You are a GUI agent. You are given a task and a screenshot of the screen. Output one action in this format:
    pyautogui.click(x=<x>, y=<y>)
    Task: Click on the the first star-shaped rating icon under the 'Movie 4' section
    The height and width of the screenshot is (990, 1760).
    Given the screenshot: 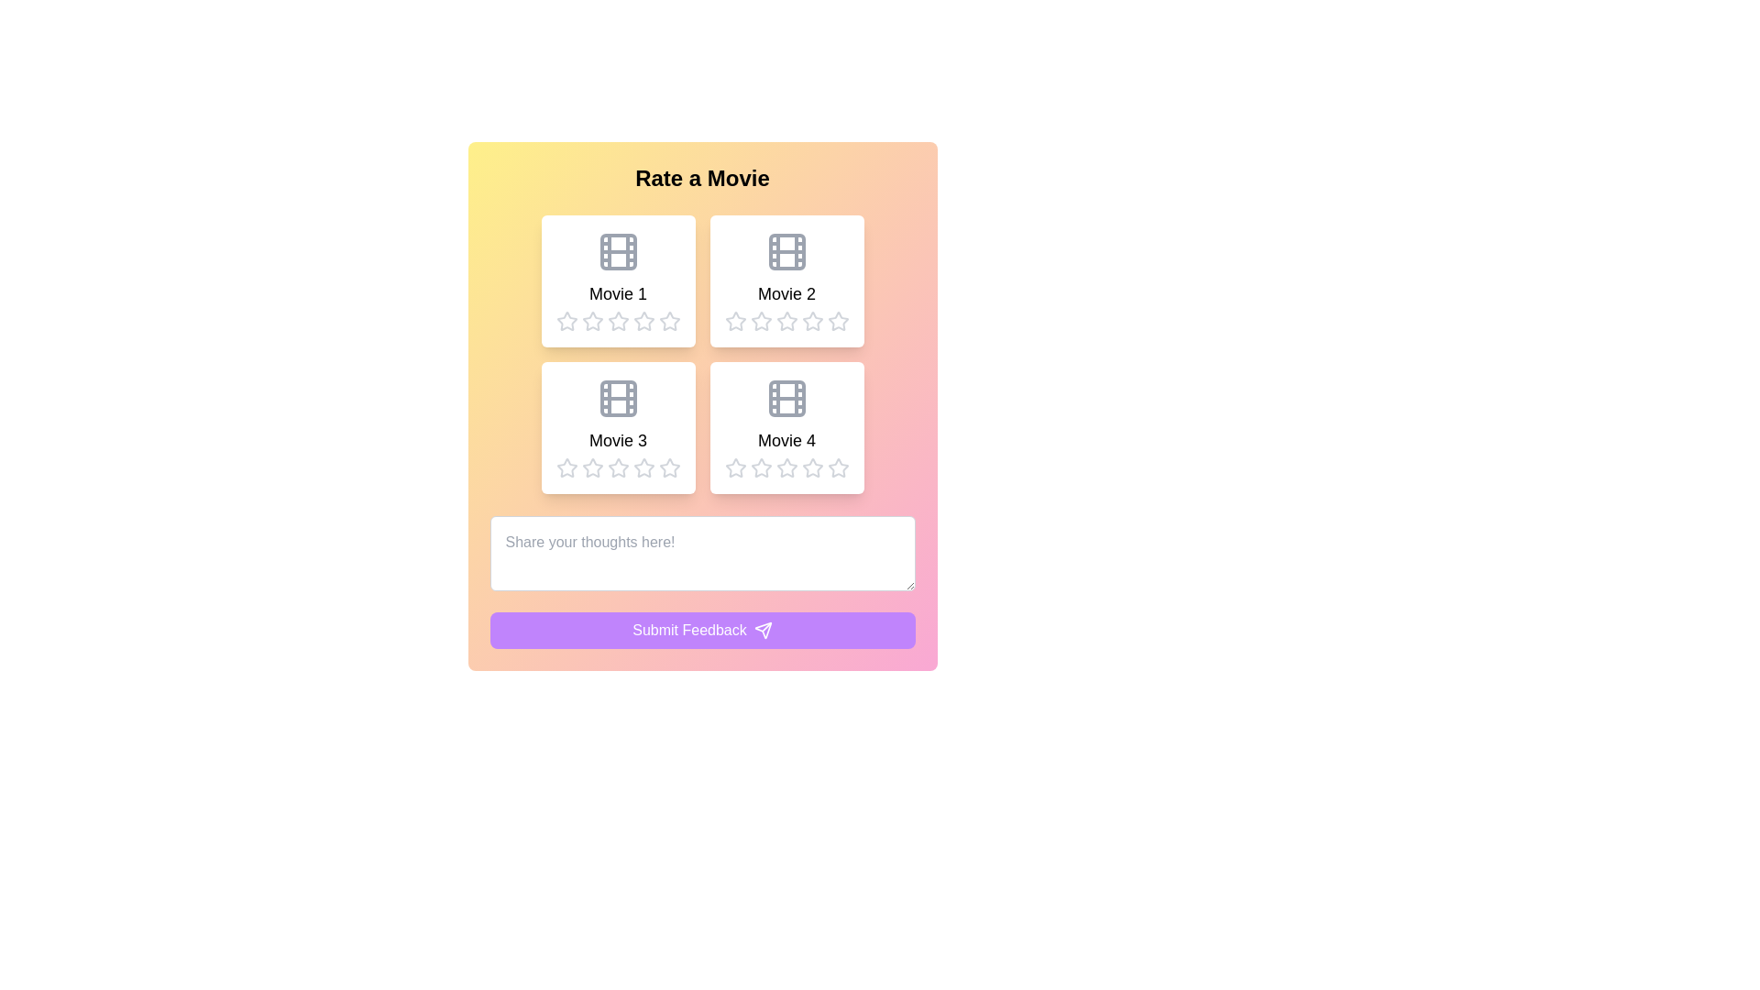 What is the action you would take?
    pyautogui.click(x=735, y=467)
    